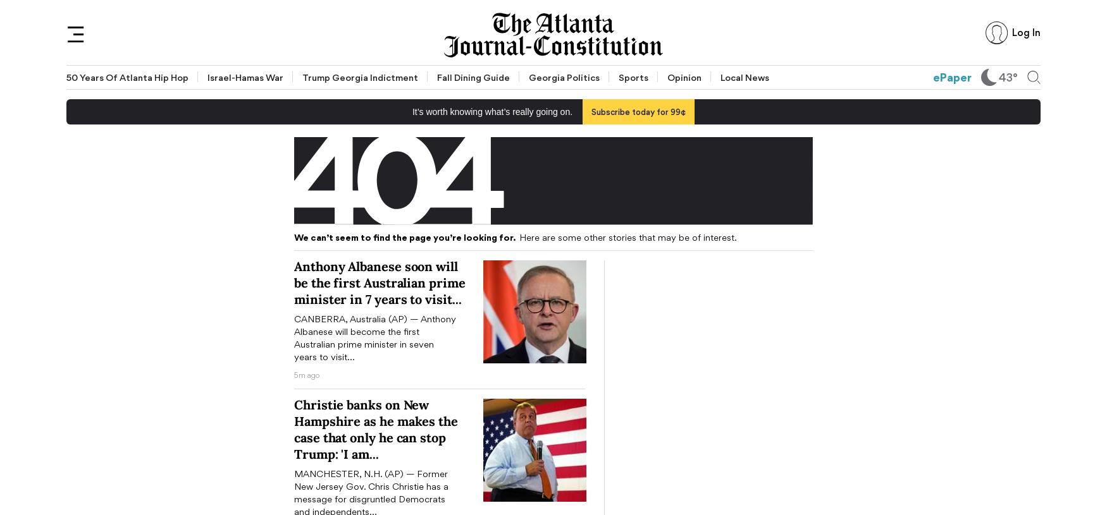 The image size is (1107, 515). Describe the element at coordinates (127, 76) in the screenshot. I see `'50 Years of Atlanta Hip Hop'` at that location.